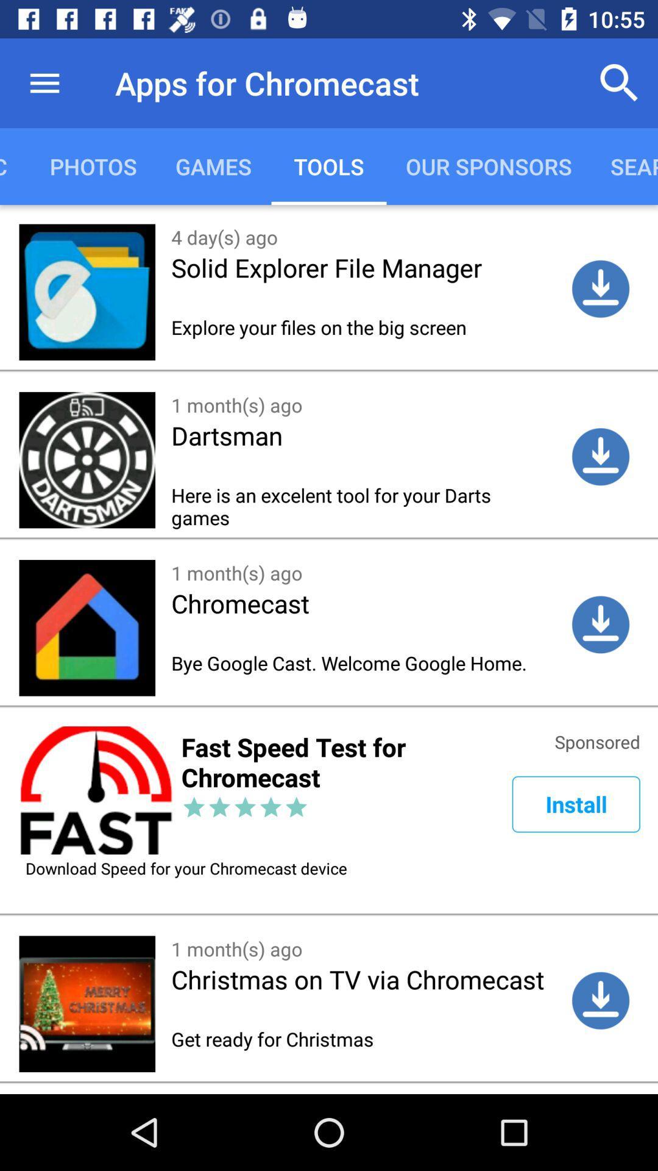 Image resolution: width=658 pixels, height=1171 pixels. I want to click on icon next to the apps for chromecast item, so click(44, 82).